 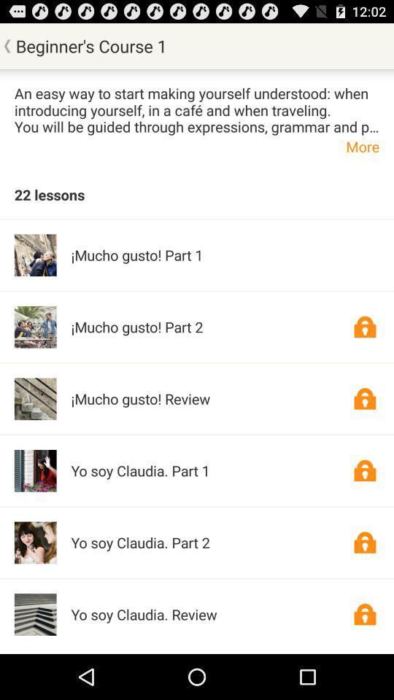 What do you see at coordinates (364, 327) in the screenshot?
I see `premium content` at bounding box center [364, 327].